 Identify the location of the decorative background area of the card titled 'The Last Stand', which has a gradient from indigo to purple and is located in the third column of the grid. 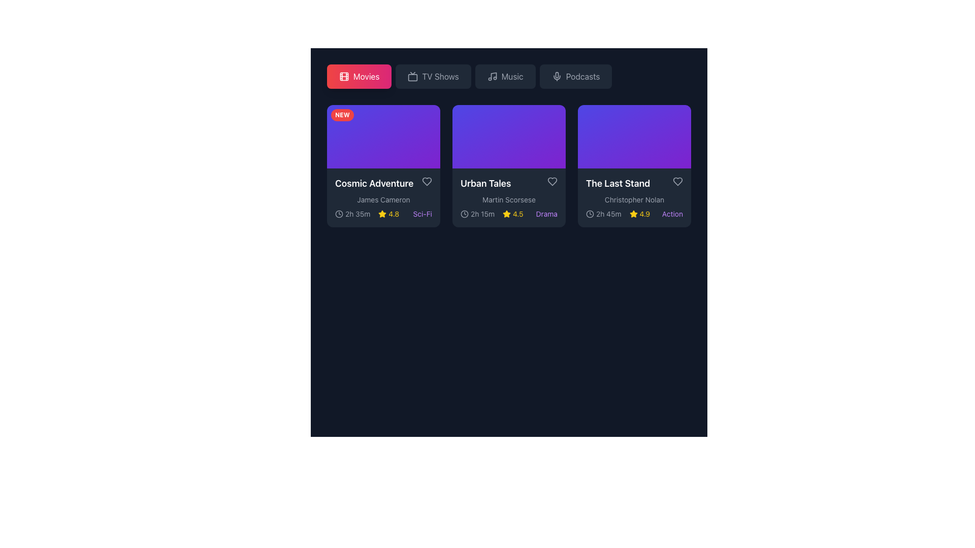
(634, 136).